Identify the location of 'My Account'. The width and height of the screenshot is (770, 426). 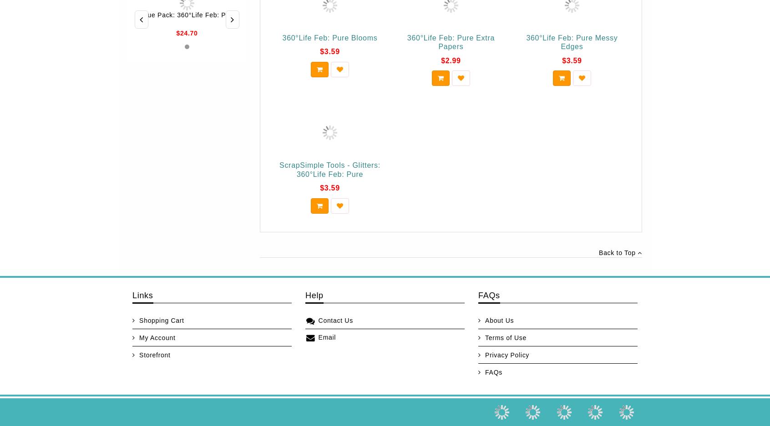
(157, 337).